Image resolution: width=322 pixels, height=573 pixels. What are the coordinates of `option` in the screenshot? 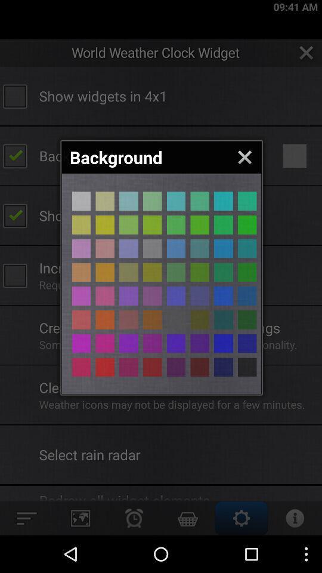 It's located at (200, 343).